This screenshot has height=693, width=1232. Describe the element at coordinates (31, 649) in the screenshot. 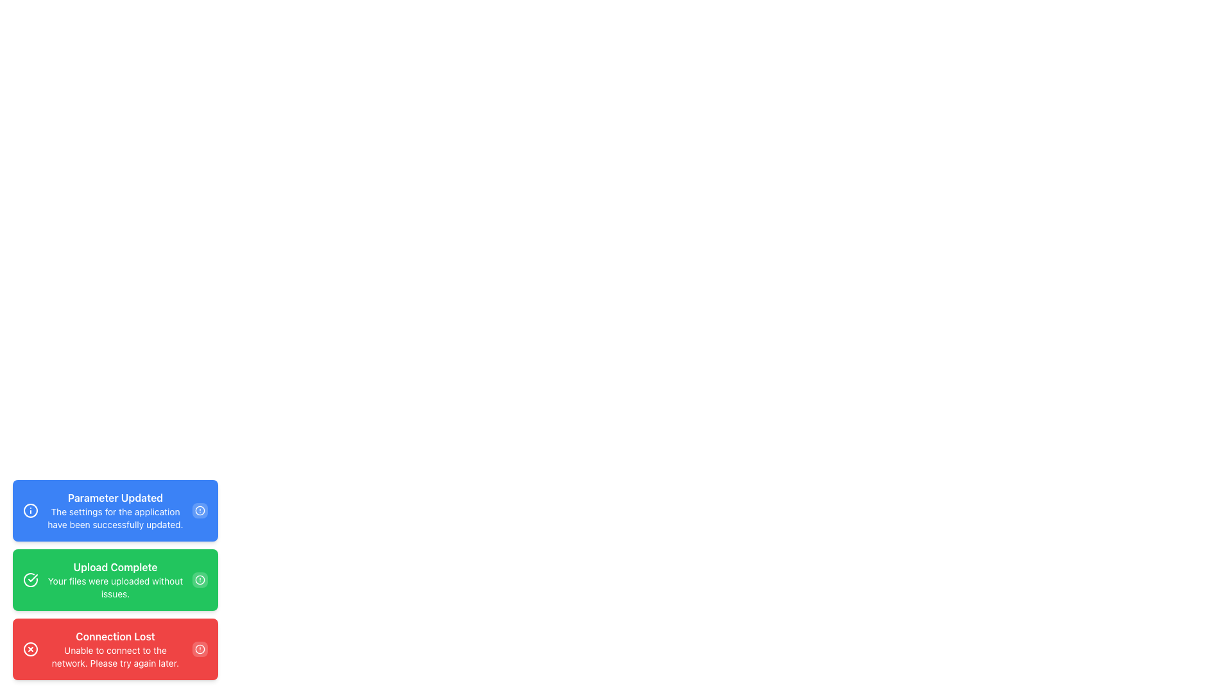

I see `the circular stroke of the 'close' icon in the bottom-right corner of the 'Connection Lost' notification panel` at that location.